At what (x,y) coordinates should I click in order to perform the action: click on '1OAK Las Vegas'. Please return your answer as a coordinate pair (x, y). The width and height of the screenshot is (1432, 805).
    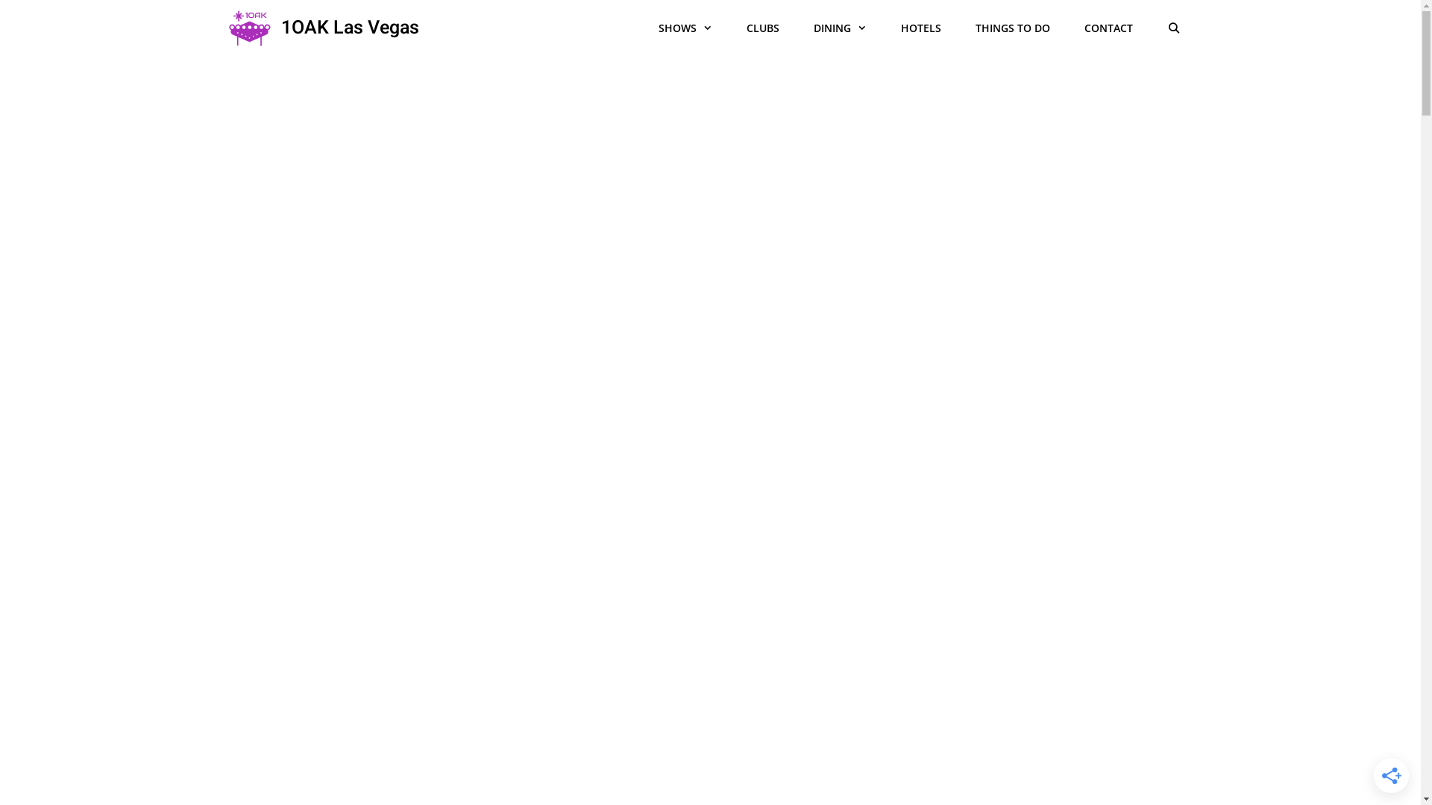
    Looking at the image, I should click on (224, 28).